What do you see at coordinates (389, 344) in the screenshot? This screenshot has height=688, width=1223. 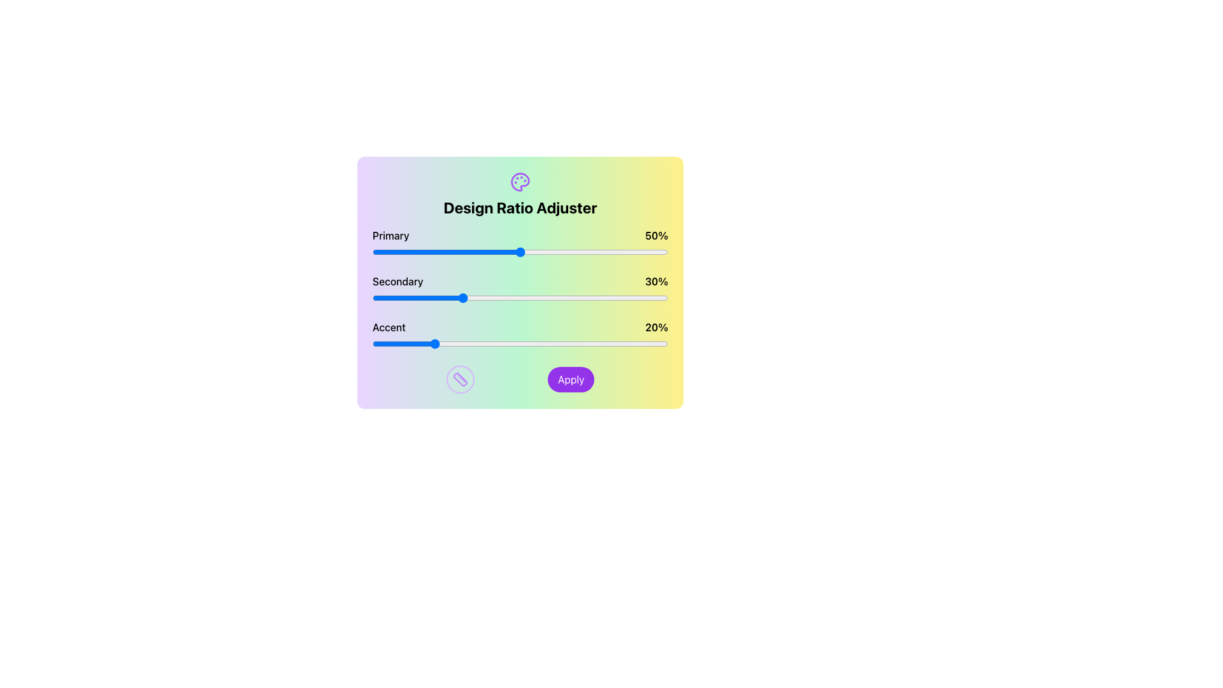 I see `the accent ratio` at bounding box center [389, 344].